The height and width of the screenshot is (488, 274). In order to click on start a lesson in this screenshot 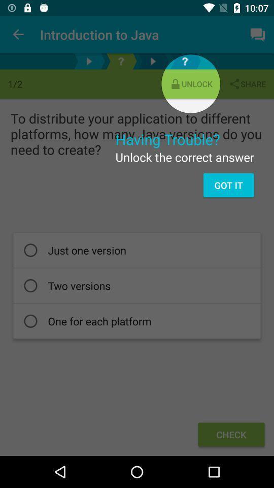, I will do `click(152, 61)`.